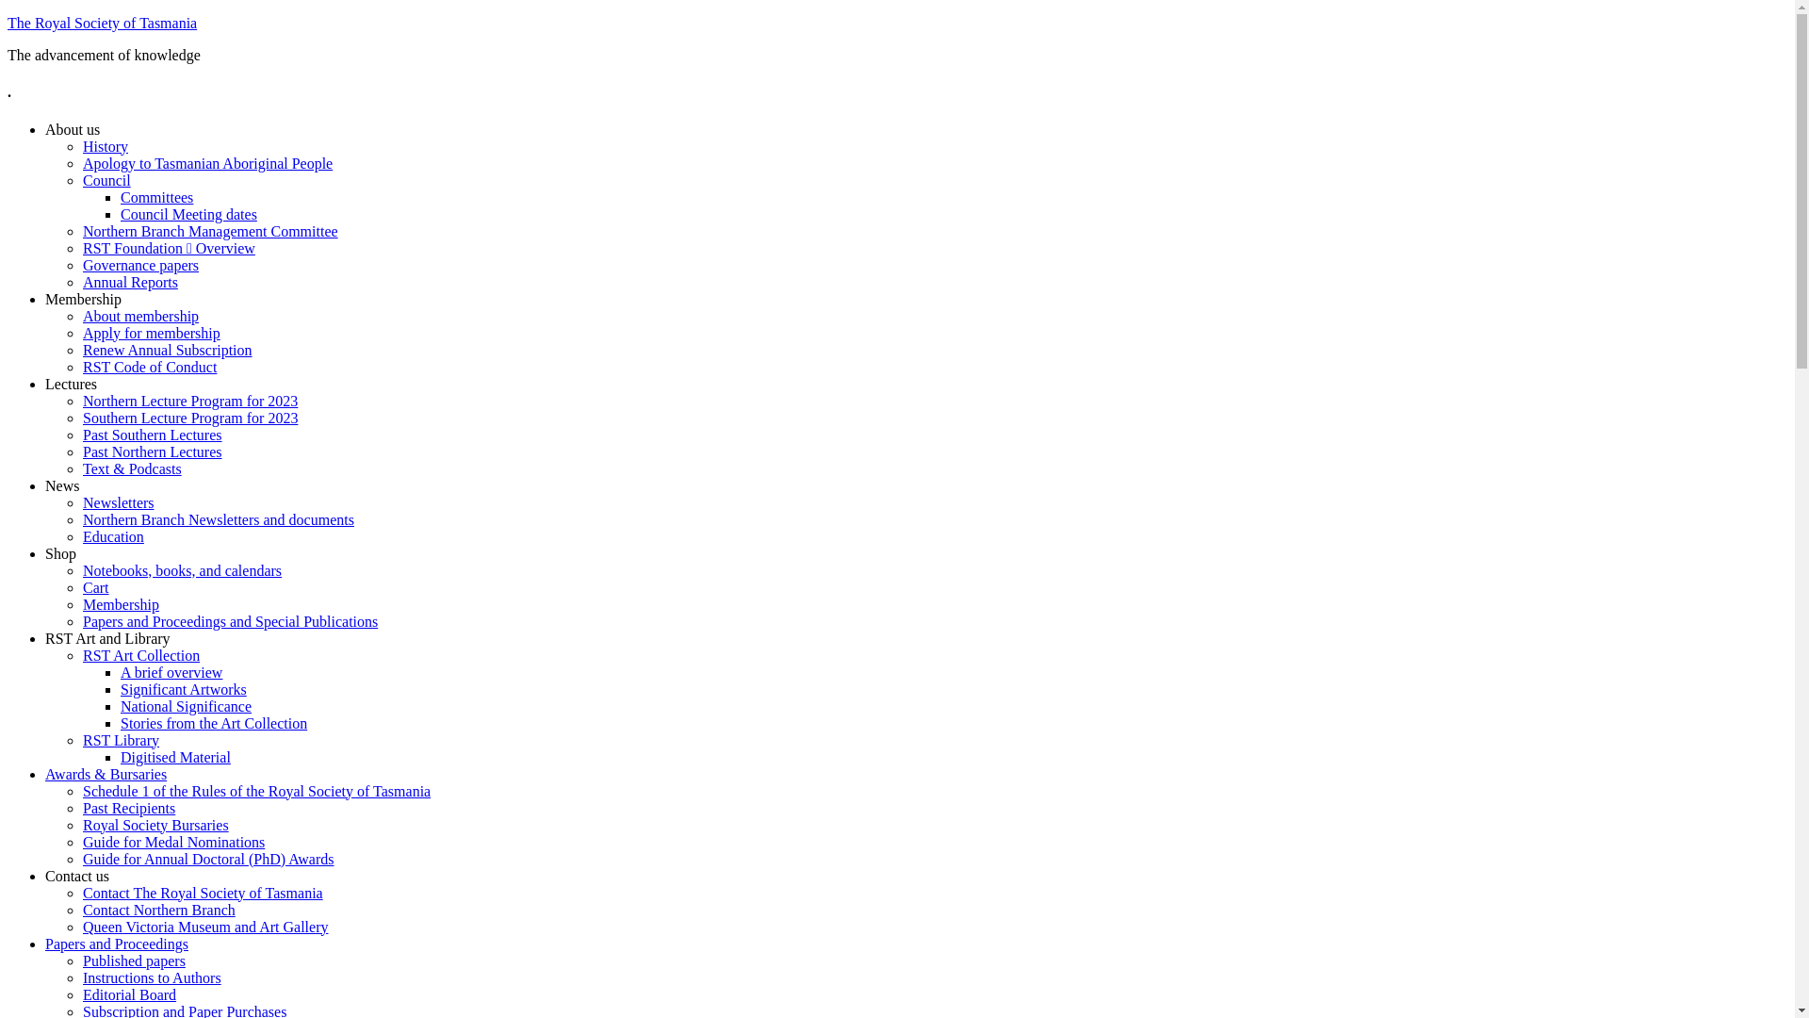 This screenshot has height=1018, width=1809. Describe the element at coordinates (158, 909) in the screenshot. I see `'Contact Northern Branch'` at that location.